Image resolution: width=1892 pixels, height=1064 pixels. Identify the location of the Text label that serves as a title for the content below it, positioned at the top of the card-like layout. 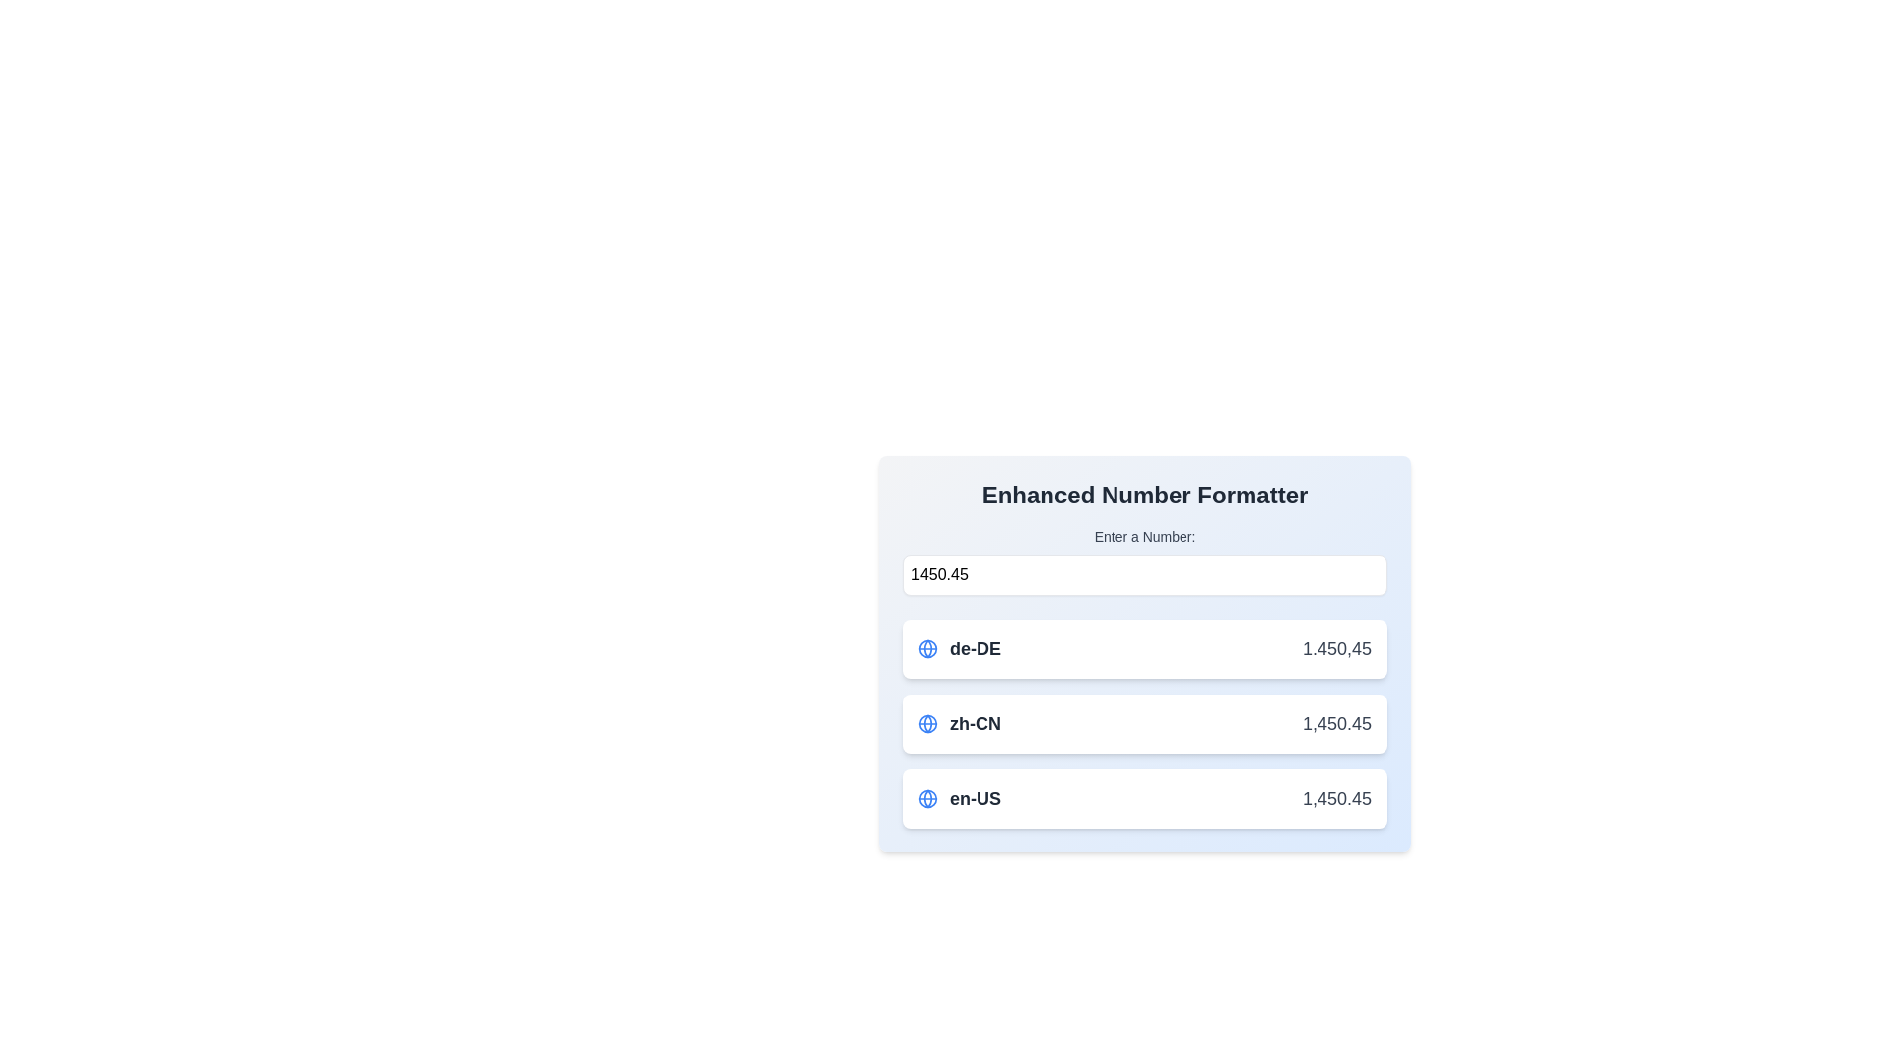
(1144, 494).